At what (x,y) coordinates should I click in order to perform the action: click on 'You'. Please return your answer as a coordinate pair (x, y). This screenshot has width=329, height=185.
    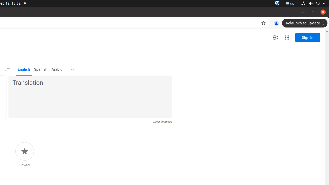
    Looking at the image, I should click on (276, 23).